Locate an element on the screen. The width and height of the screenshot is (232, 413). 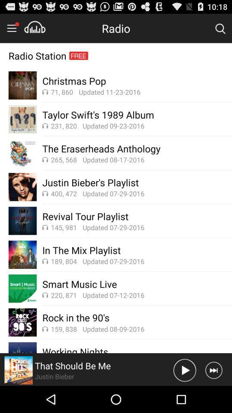
expand current song is located at coordinates (18, 370).